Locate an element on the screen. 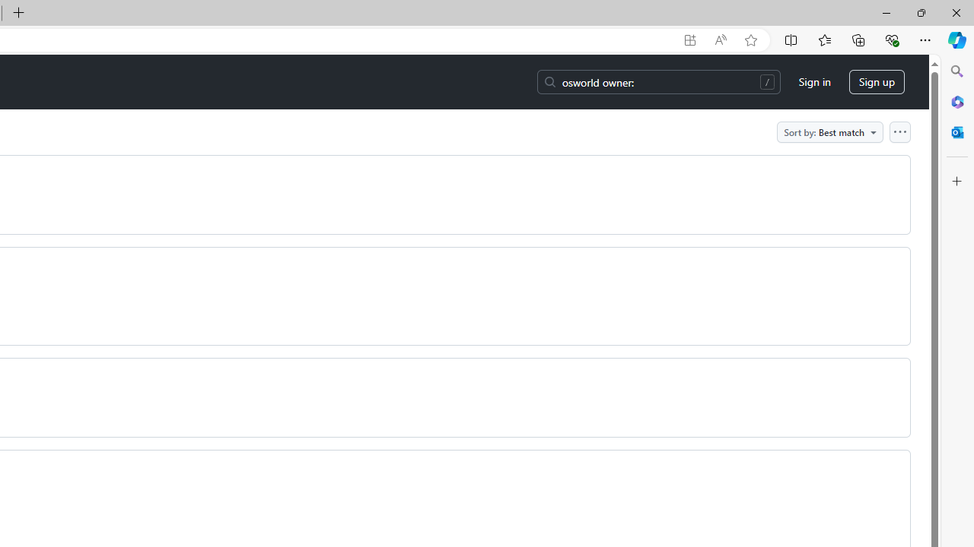  'Sign up' is located at coordinates (877, 82).